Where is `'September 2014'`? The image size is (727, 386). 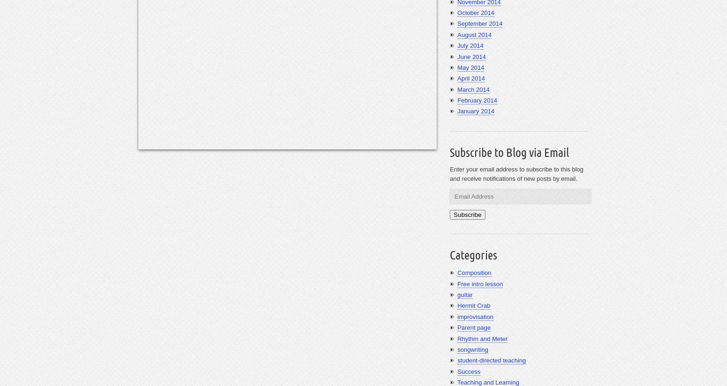
'September 2014' is located at coordinates (456, 23).